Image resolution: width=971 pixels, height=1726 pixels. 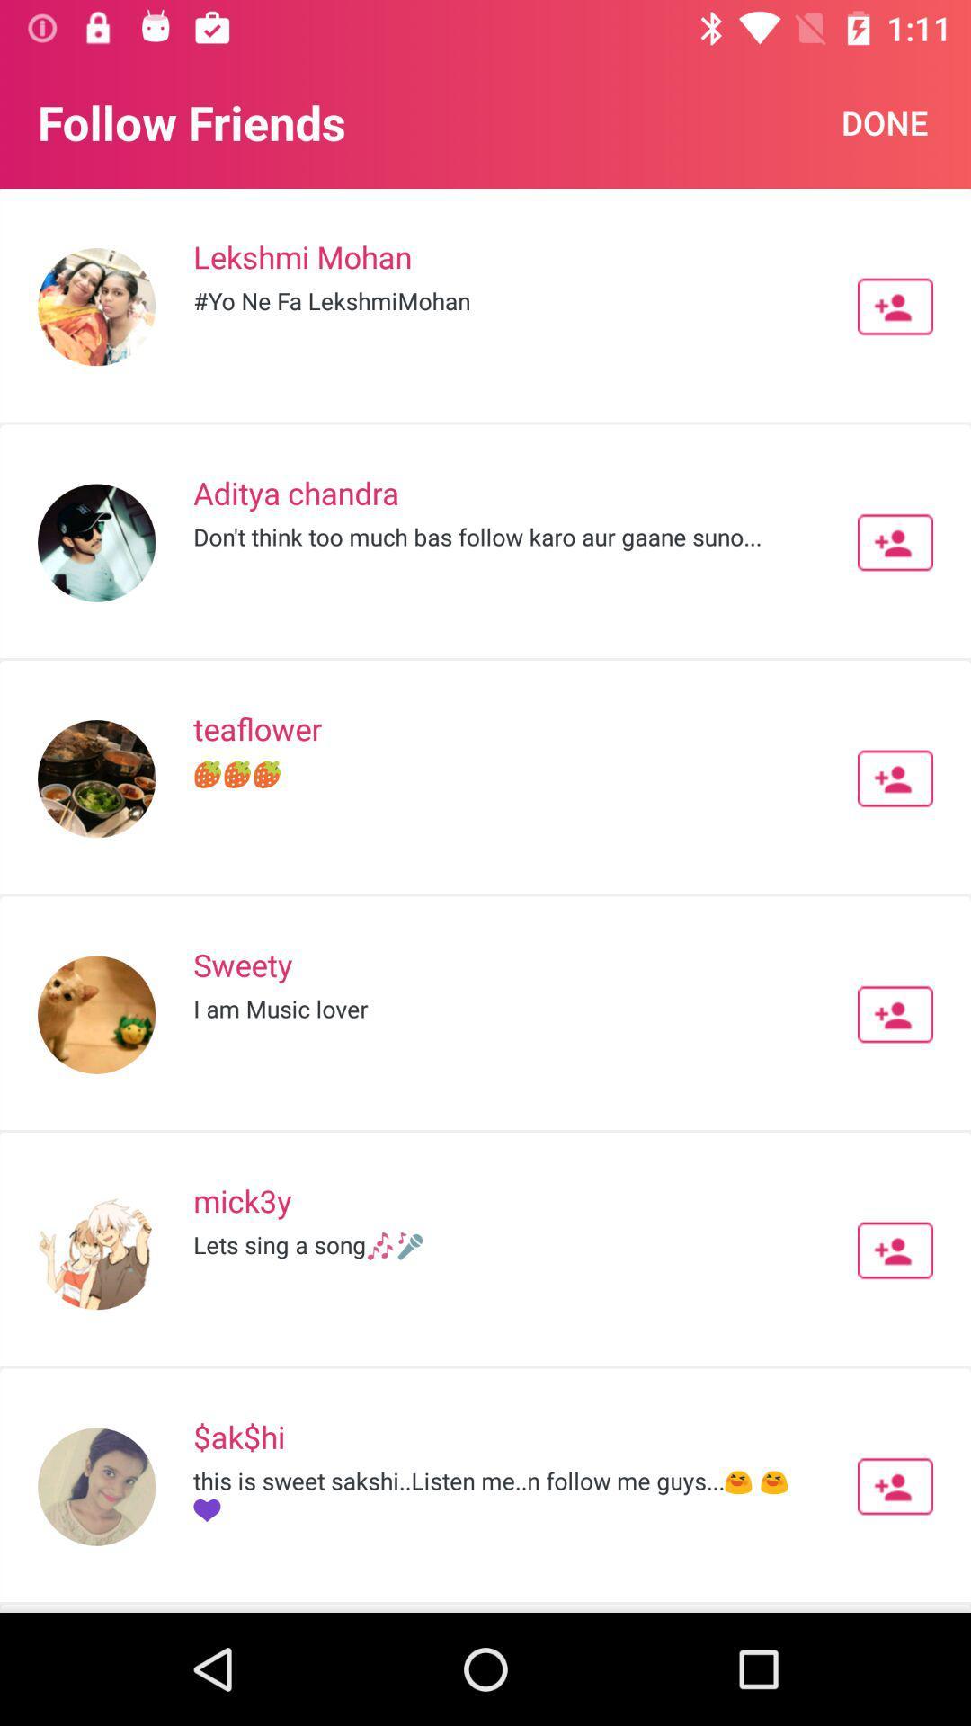 What do you see at coordinates (895, 541) in the screenshot?
I see `friend` at bounding box center [895, 541].